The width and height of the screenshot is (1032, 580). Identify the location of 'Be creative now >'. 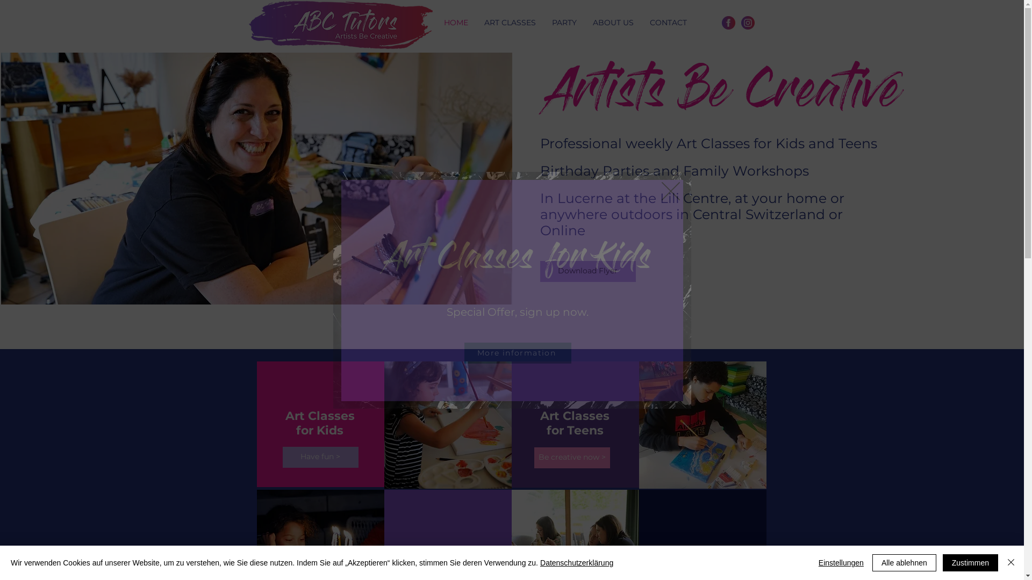
(534, 458).